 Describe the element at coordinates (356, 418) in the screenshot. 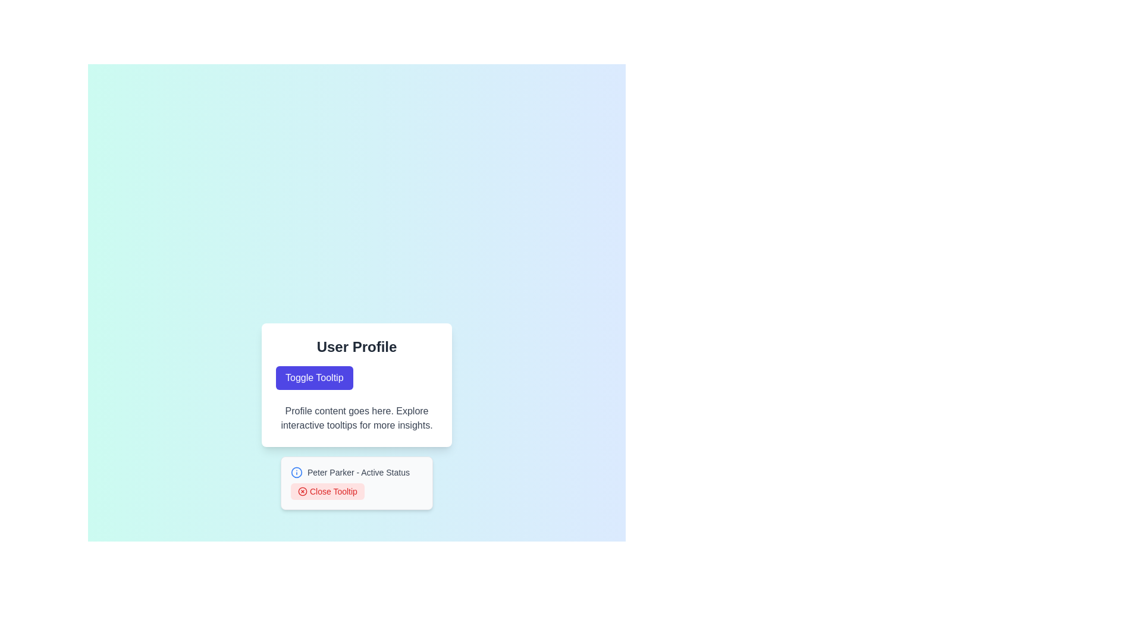

I see `the informational text element located below the 'Toggle Tooltip' button in the user profile interface` at that location.